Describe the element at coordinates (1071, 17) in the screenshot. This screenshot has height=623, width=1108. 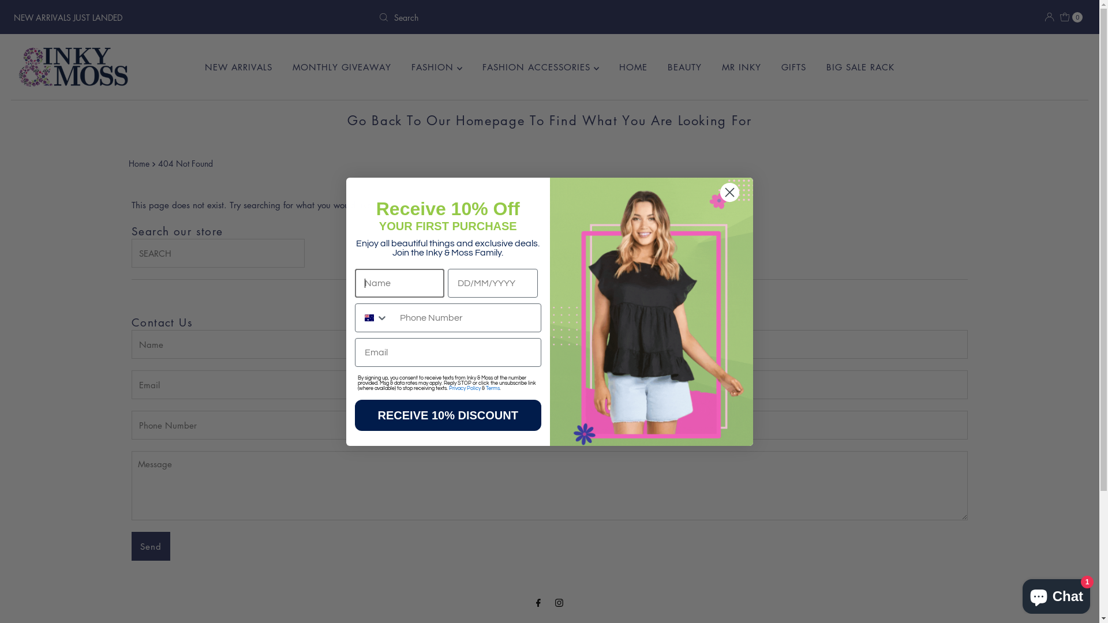
I see `'0'` at that location.